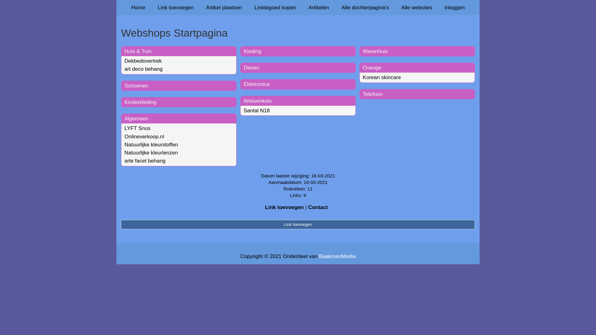  What do you see at coordinates (124, 145) in the screenshot?
I see `'Natuurlijke kleurstoffen'` at bounding box center [124, 145].